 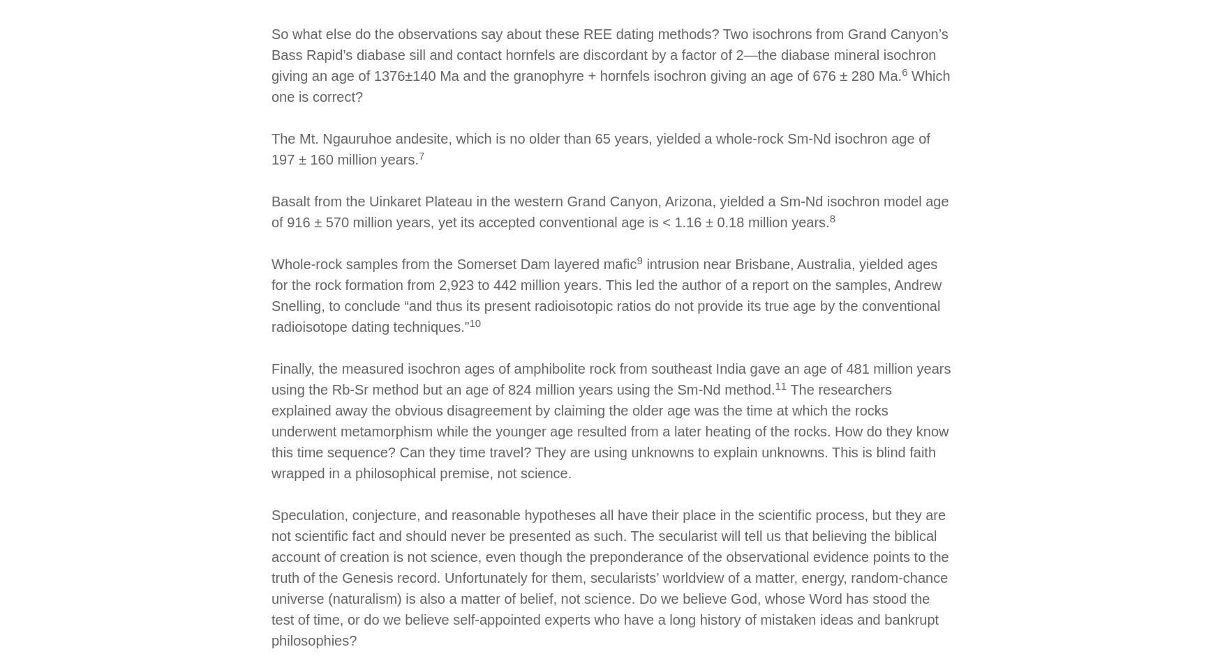 What do you see at coordinates (422, 155) in the screenshot?
I see `'7'` at bounding box center [422, 155].